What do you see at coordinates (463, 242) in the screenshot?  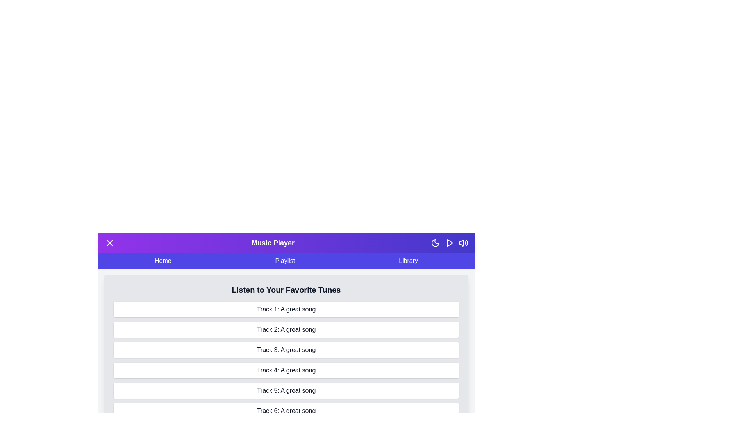 I see `the volume control icon` at bounding box center [463, 242].